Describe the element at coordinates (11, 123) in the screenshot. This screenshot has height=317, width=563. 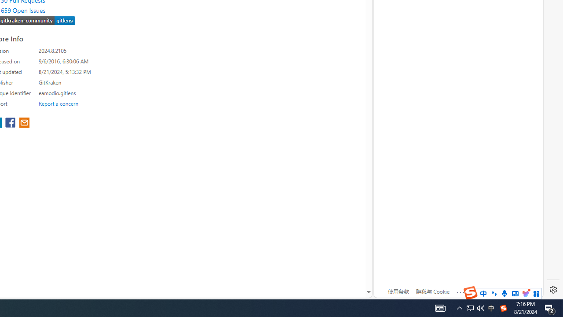
I see `'share extension on facebook'` at that location.